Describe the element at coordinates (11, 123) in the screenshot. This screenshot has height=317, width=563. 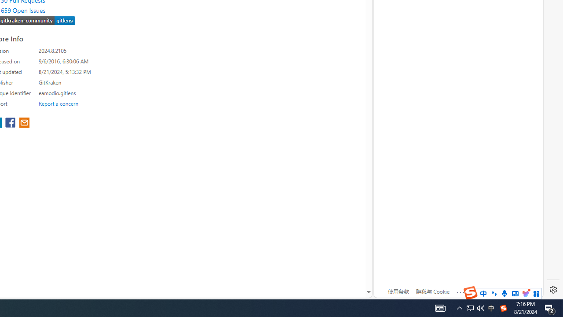
I see `'share extension on facebook'` at that location.